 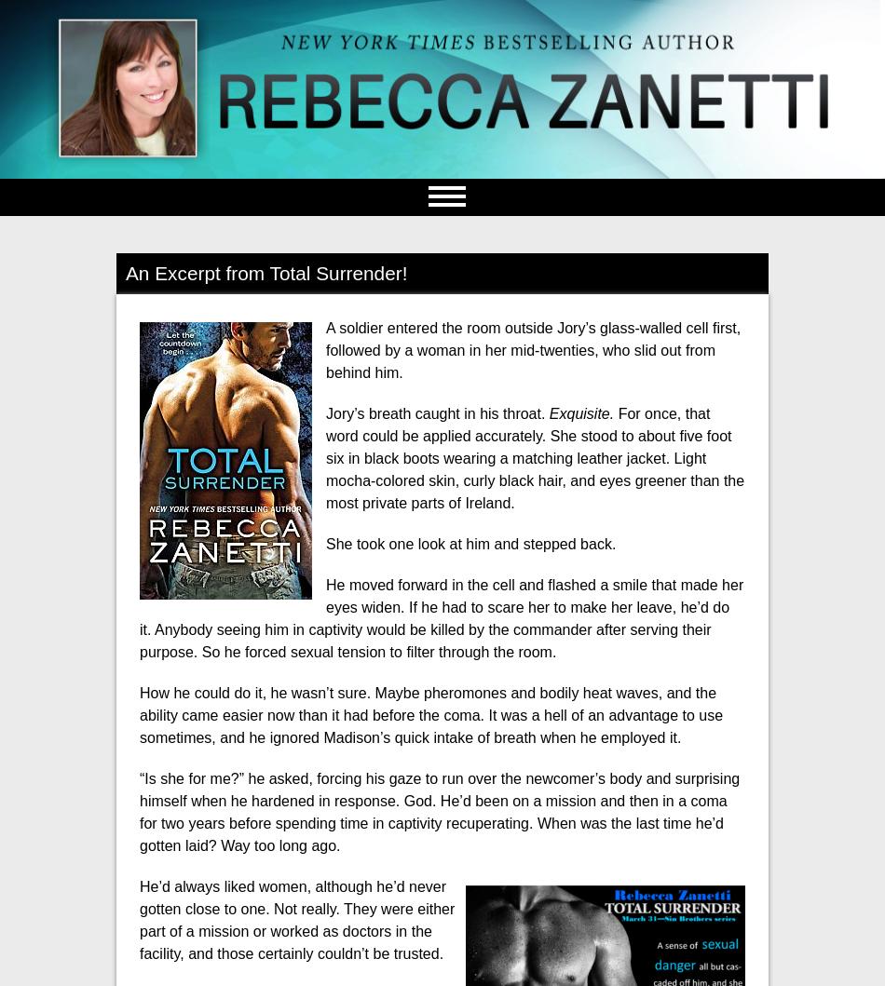 What do you see at coordinates (533, 348) in the screenshot?
I see `'A soldier entered the room outside Jory’s glass-walled cell first, followed by a woman in her mid-twenties, who slid out from behind him.'` at bounding box center [533, 348].